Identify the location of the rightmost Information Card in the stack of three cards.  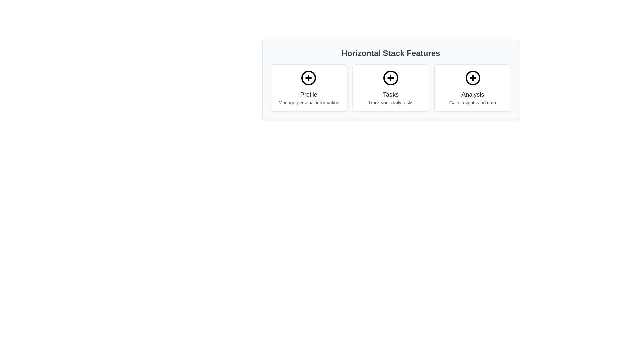
(472, 87).